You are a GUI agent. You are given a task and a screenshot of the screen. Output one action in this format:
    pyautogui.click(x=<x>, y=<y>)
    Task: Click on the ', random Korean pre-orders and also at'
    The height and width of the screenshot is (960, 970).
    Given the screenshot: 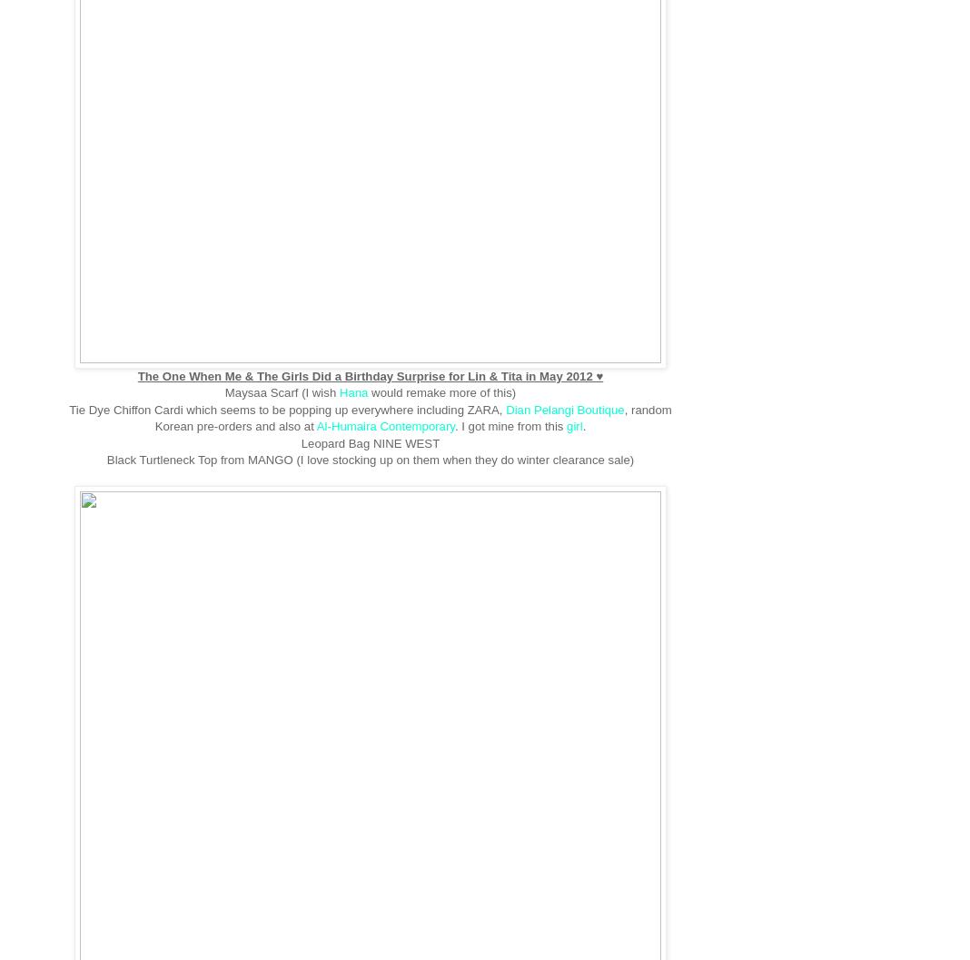 What is the action you would take?
    pyautogui.click(x=412, y=418)
    